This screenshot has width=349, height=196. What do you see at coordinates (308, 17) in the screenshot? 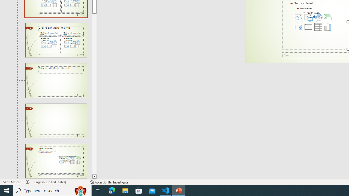
I see `'Pictures'` at bounding box center [308, 17].